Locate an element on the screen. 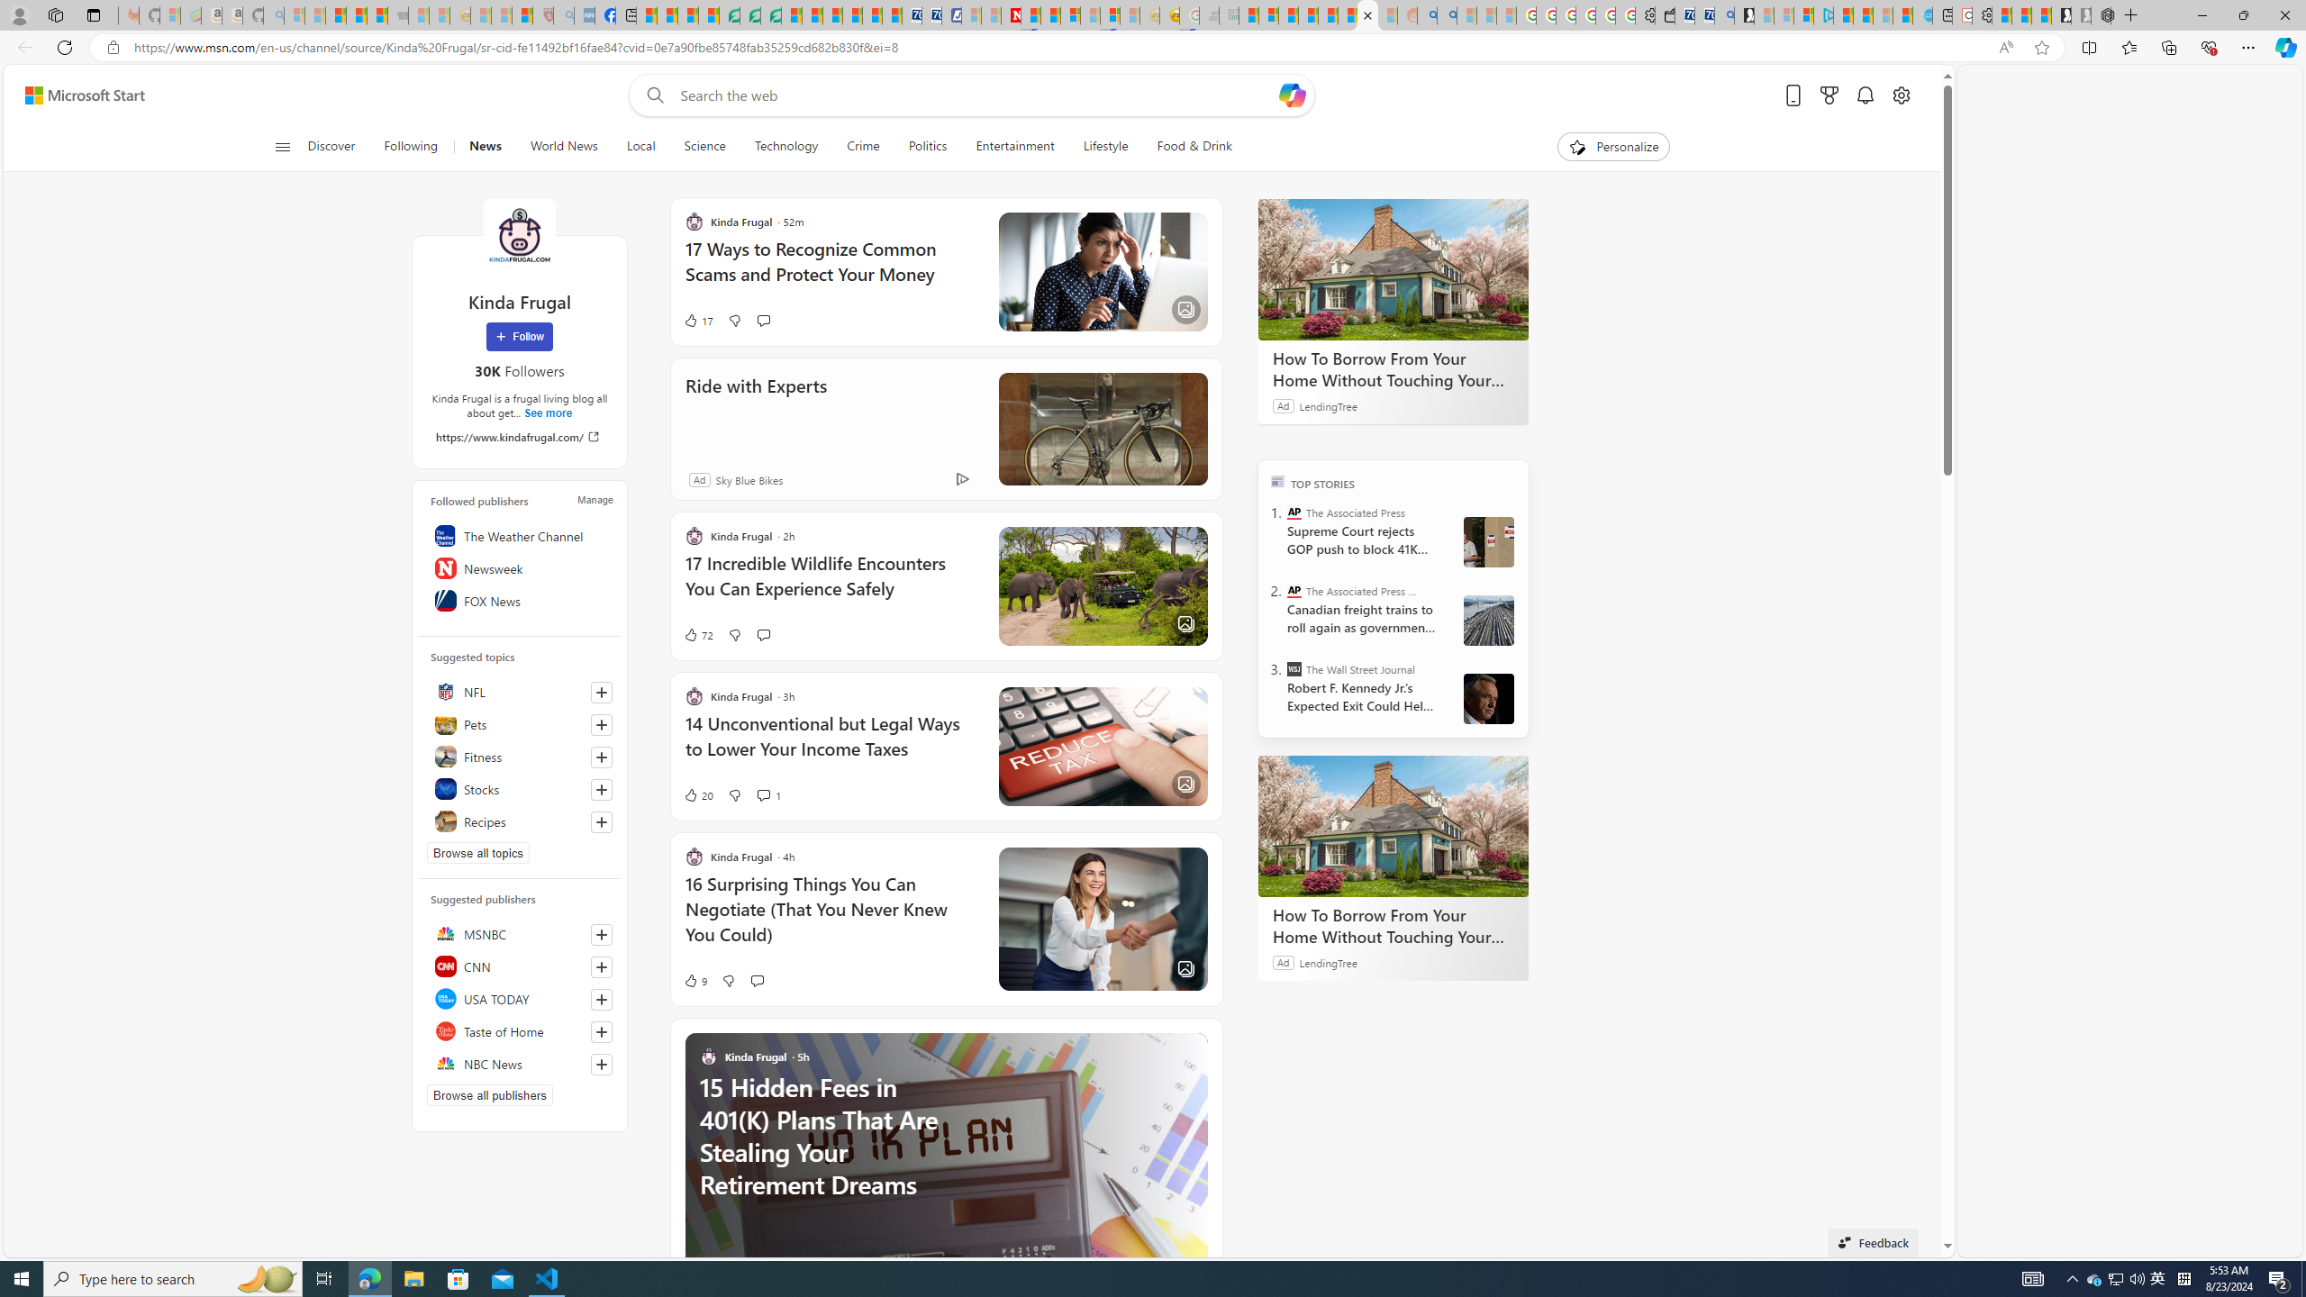 The image size is (2306, 1297). 'Skip to footer' is located at coordinates (73, 94).